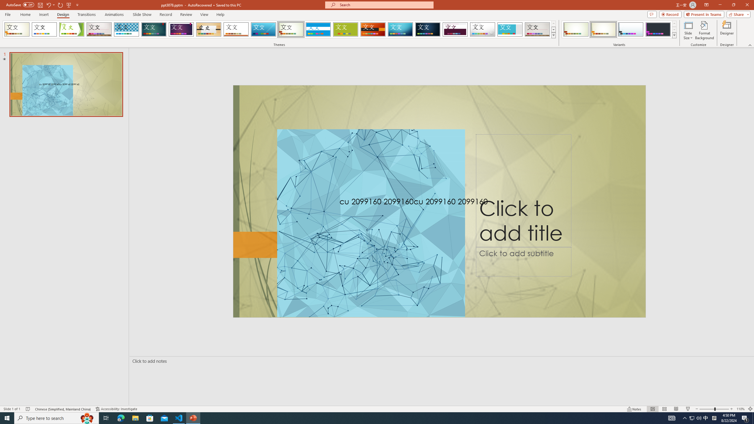 The height and width of the screenshot is (424, 754). Describe the element at coordinates (153, 29) in the screenshot. I see `'Ion Loading Preview...'` at that location.